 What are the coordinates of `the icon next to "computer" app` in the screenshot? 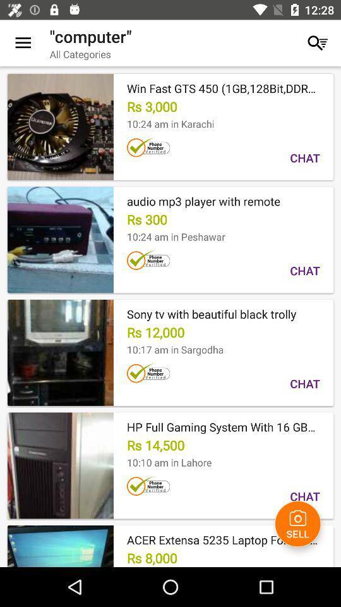 It's located at (317, 43).